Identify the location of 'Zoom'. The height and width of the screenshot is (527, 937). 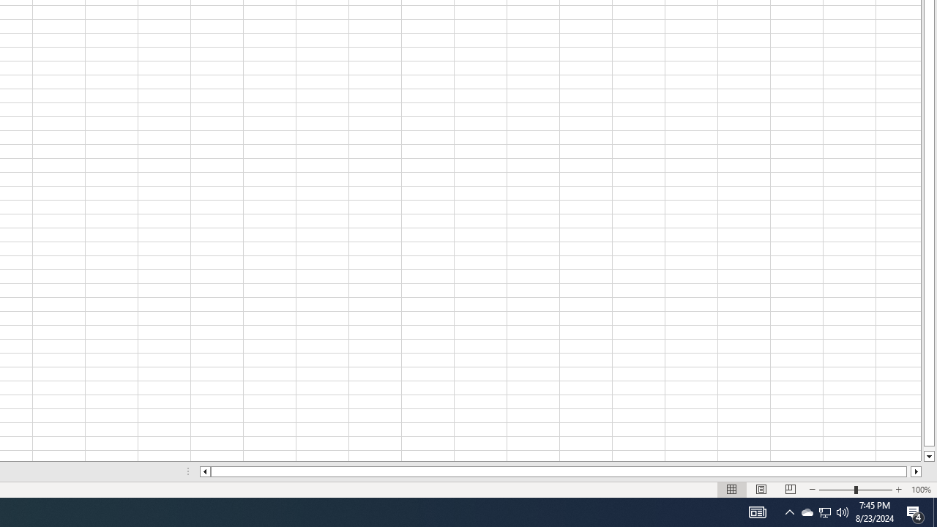
(855, 490).